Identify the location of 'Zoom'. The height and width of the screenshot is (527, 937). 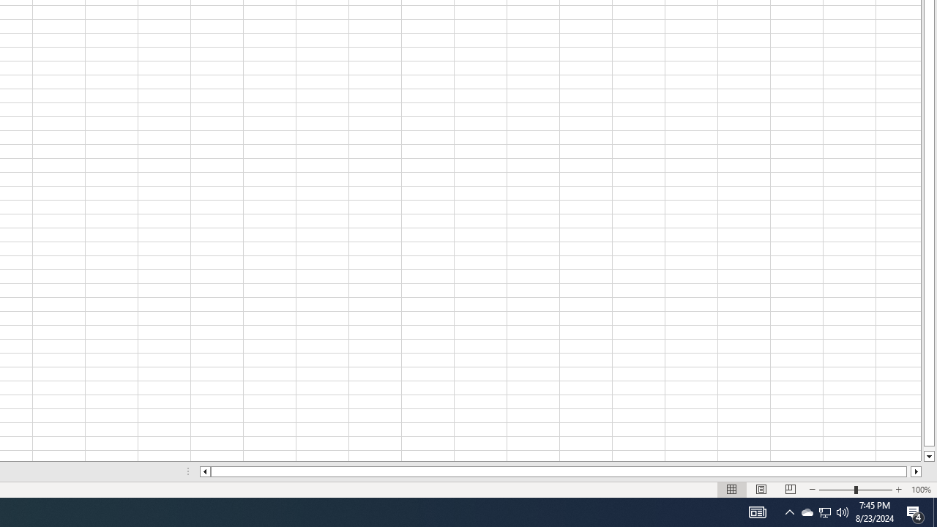
(855, 490).